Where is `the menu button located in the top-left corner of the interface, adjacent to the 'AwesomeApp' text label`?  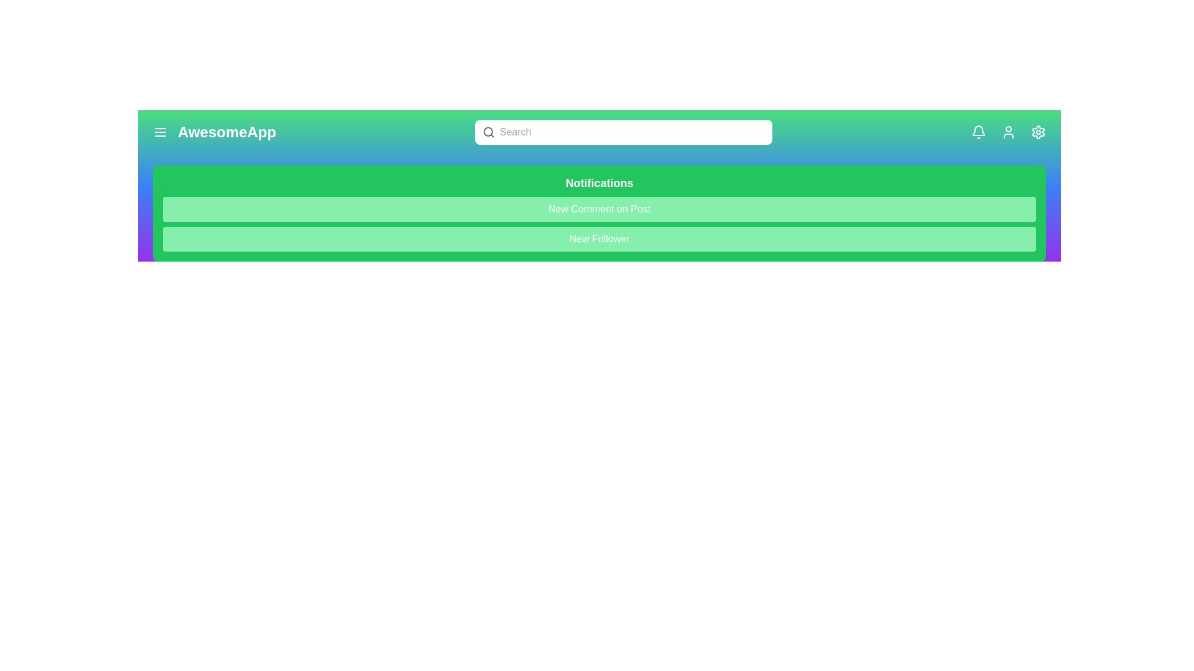
the menu button located in the top-left corner of the interface, adjacent to the 'AwesomeApp' text label is located at coordinates (160, 132).